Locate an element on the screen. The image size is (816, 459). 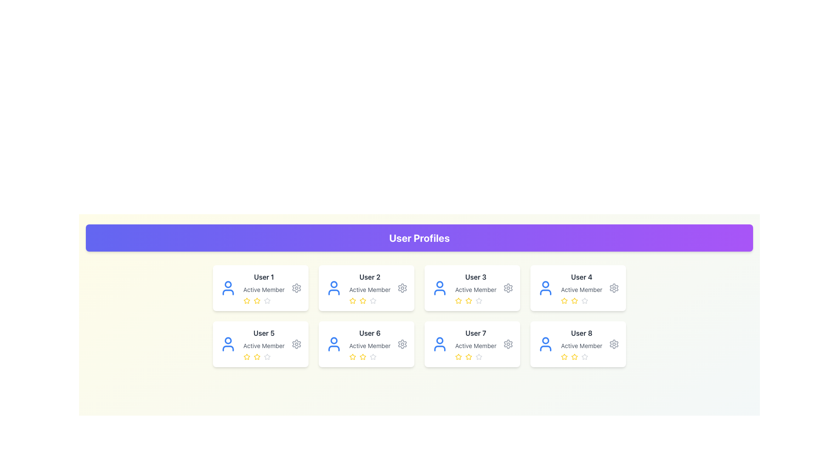
the settings cogwheel icon located in the top-right corner of the 'User 4' profile card is located at coordinates (614, 288).